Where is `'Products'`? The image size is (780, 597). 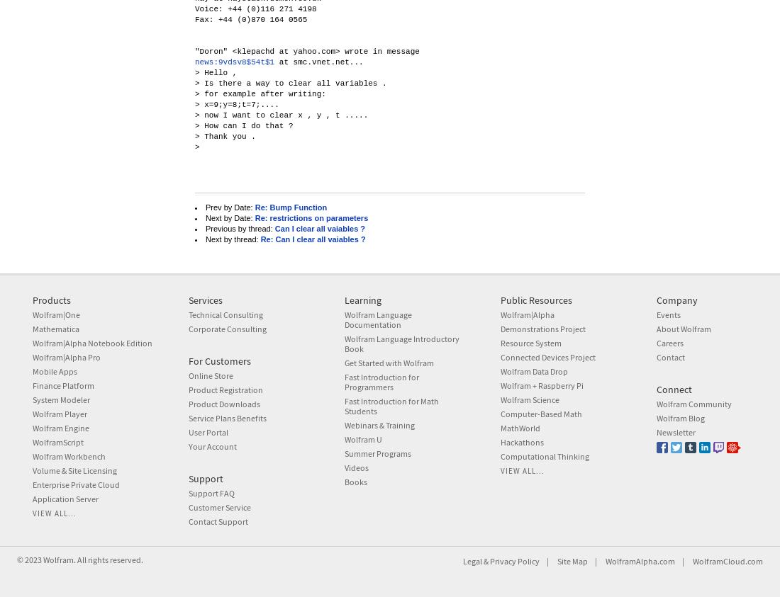 'Products' is located at coordinates (31, 300).